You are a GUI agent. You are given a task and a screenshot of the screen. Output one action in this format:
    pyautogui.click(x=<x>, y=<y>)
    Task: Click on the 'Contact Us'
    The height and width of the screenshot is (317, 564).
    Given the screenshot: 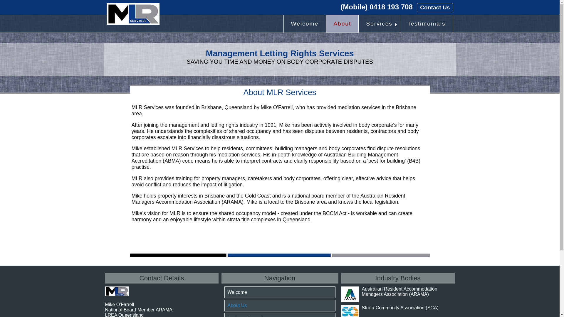 What is the action you would take?
    pyautogui.click(x=417, y=8)
    